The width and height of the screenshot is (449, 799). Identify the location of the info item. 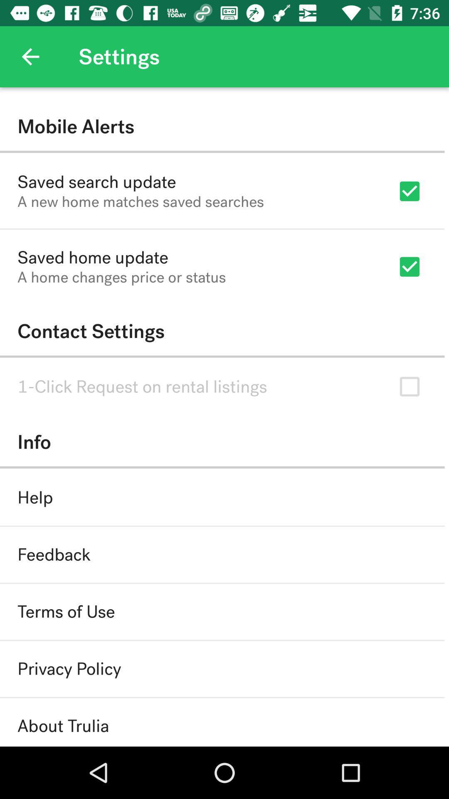
(222, 442).